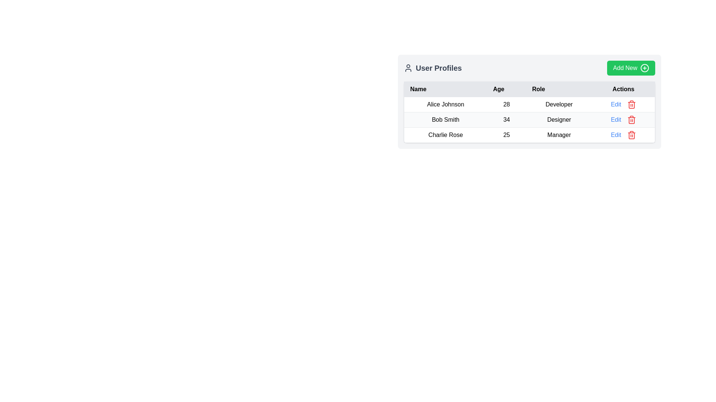 This screenshot has width=716, height=402. Describe the element at coordinates (631, 105) in the screenshot. I see `the delete action button with a red trash can icon located in the 'Actions' column of the third row within the user table` at that location.